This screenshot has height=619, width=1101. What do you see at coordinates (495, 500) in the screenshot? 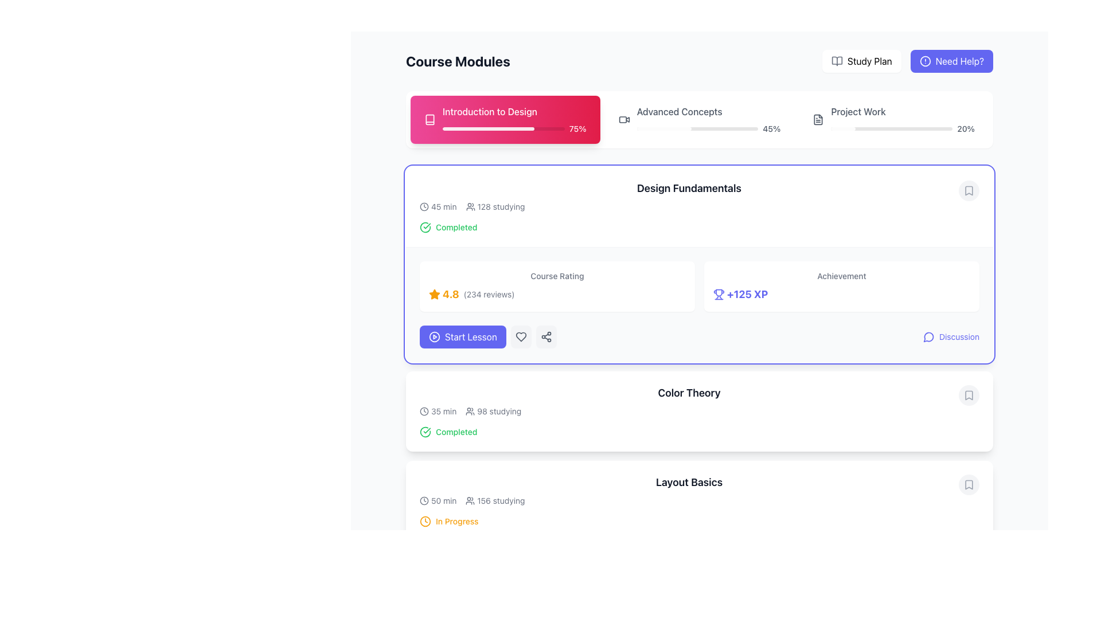
I see `text displayed on the label with an icon indicating the number of participants engaged in the 'Layout Basics' course module, located to the right of the '50 min' text` at bounding box center [495, 500].